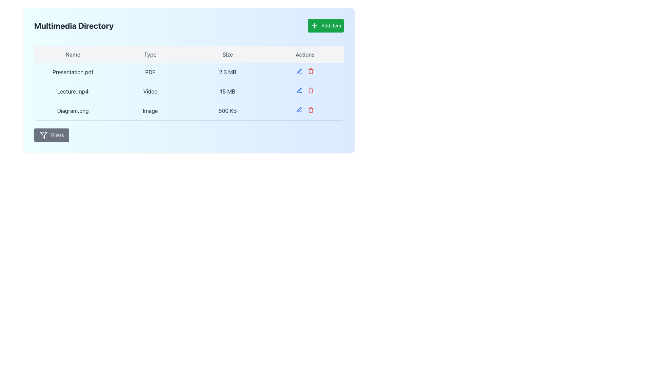  Describe the element at coordinates (73, 54) in the screenshot. I see `the text label displaying 'Name' in the table header, which is styled with a medium font weight and gray text color, located in the first column of the table header` at that location.